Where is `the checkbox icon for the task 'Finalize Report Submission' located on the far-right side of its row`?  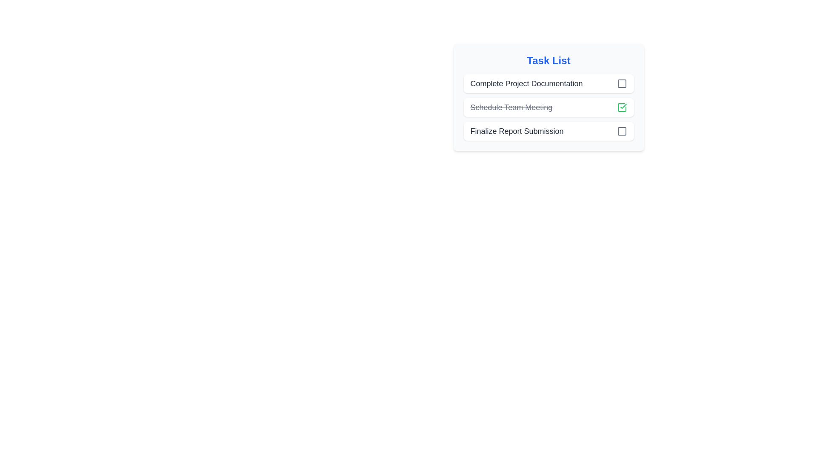 the checkbox icon for the task 'Finalize Report Submission' located on the far-right side of its row is located at coordinates (622, 131).